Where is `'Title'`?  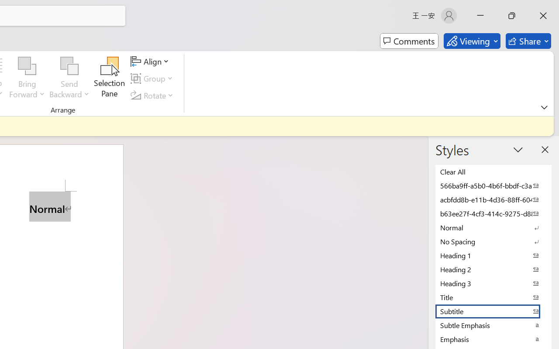
'Title' is located at coordinates (493, 297).